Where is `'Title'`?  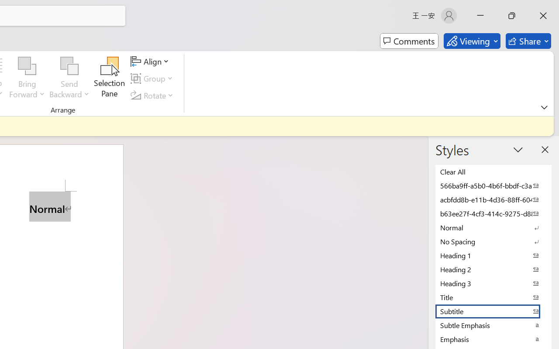
'Title' is located at coordinates (493, 297).